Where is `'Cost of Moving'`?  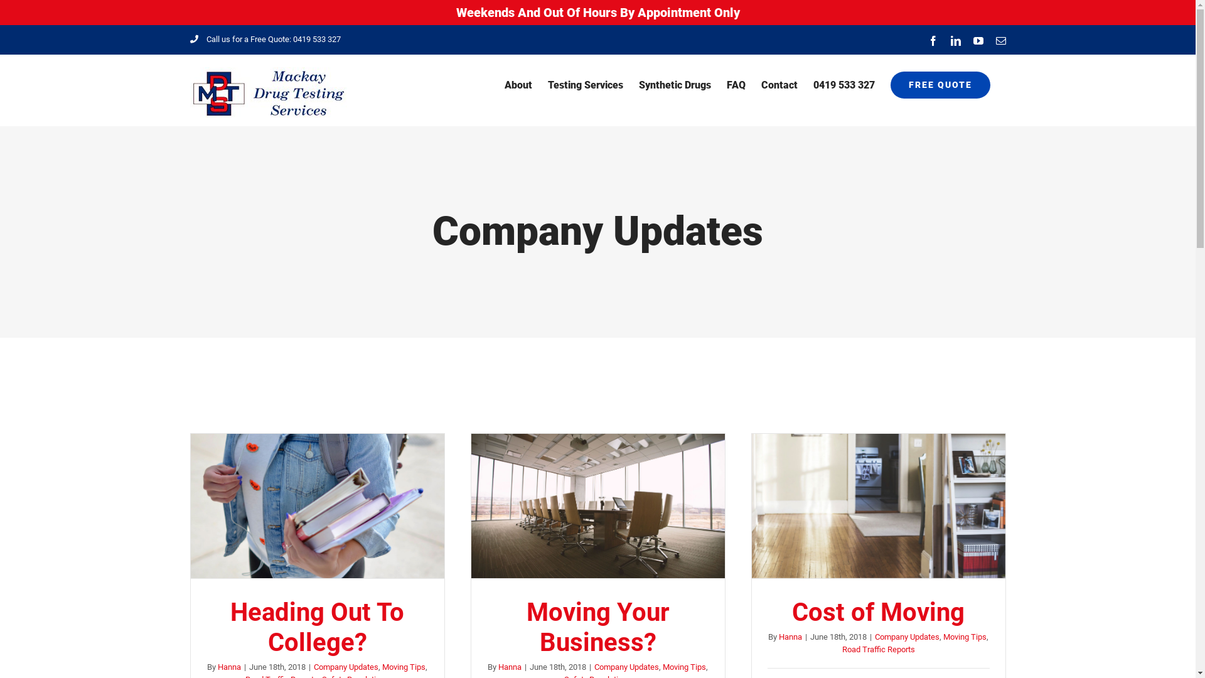 'Cost of Moving' is located at coordinates (877, 611).